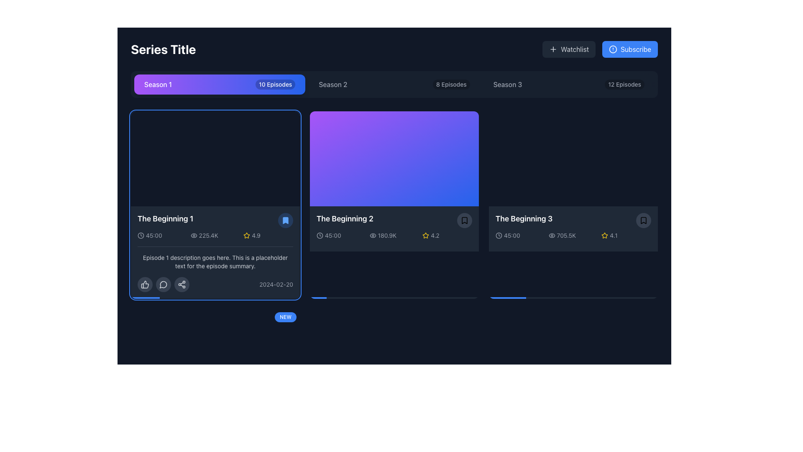 The image size is (803, 452). Describe the element at coordinates (246, 235) in the screenshot. I see `the star icon representing the rating for 'The Beginning 1' content item` at that location.